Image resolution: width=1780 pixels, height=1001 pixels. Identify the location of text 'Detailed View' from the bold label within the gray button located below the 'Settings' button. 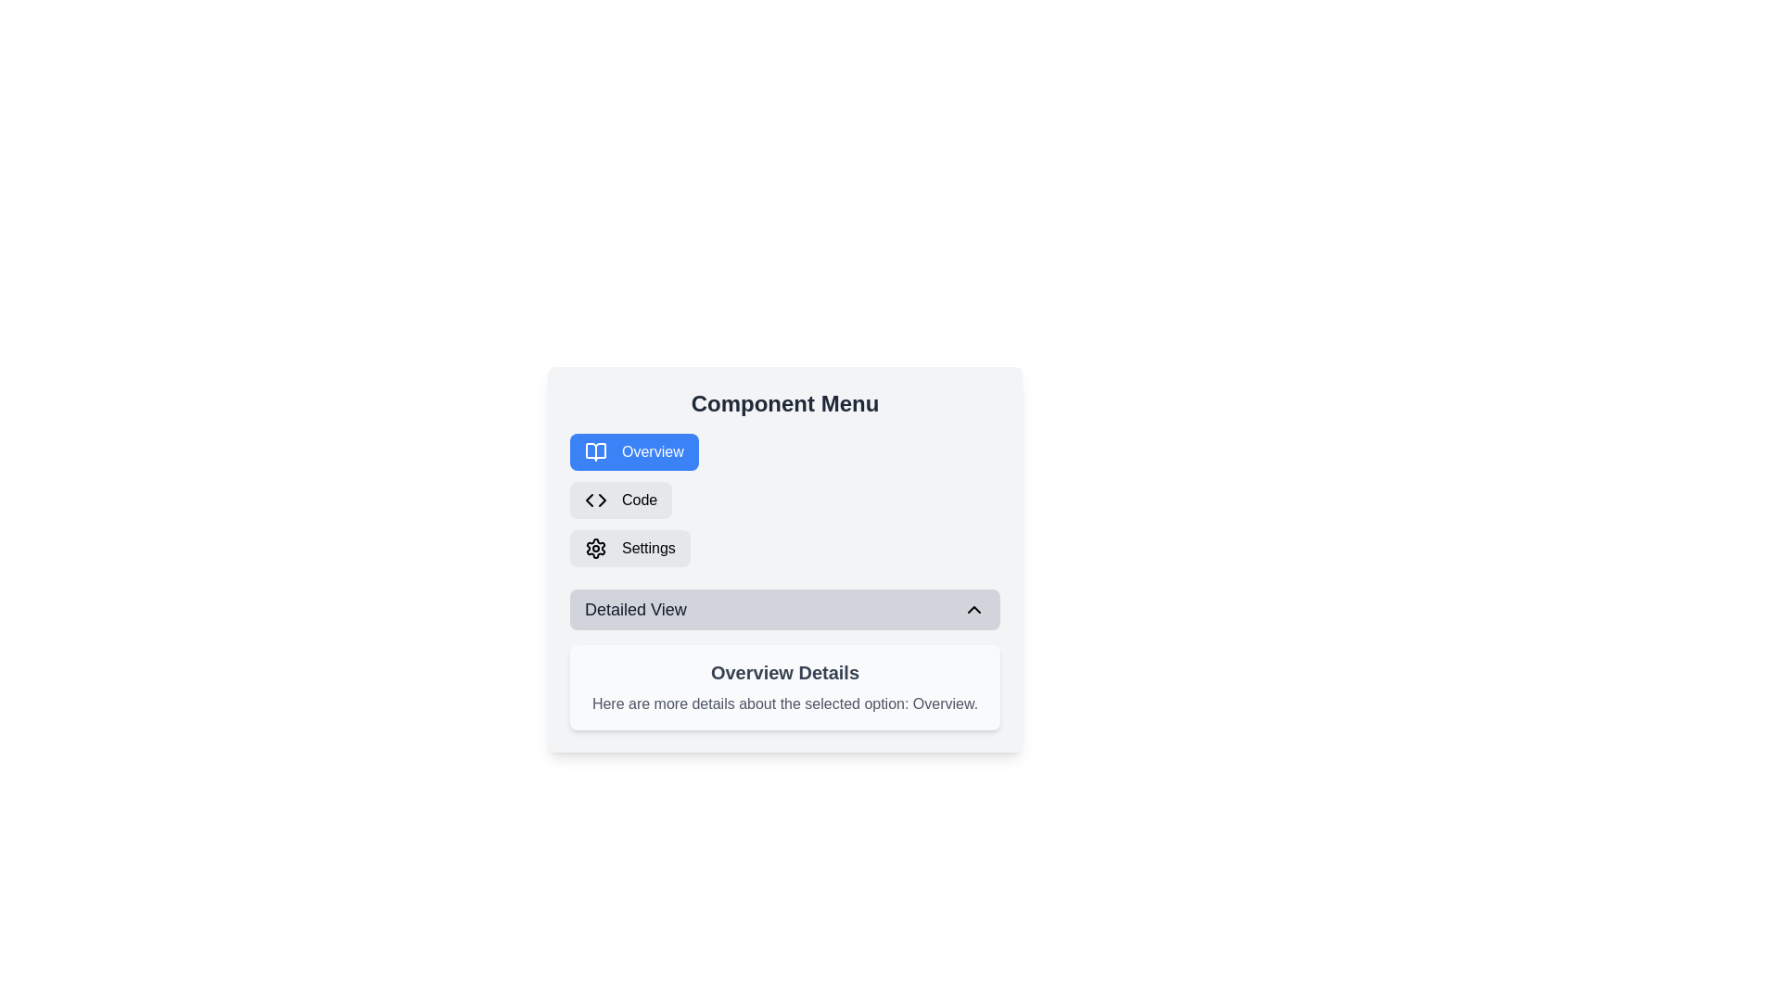
(635, 610).